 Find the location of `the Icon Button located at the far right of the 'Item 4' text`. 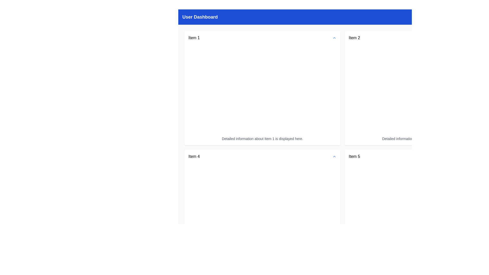

the Icon Button located at the far right of the 'Item 4' text is located at coordinates (334, 156).